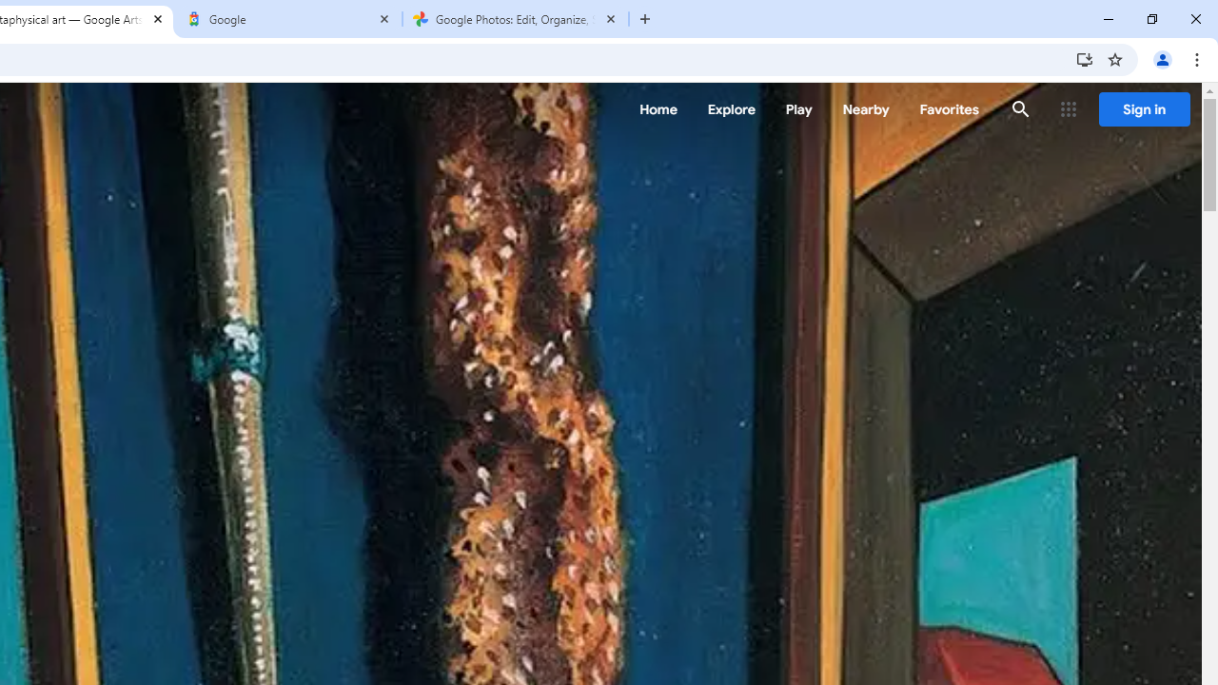 The width and height of the screenshot is (1218, 685). Describe the element at coordinates (288, 19) in the screenshot. I see `'Google'` at that location.